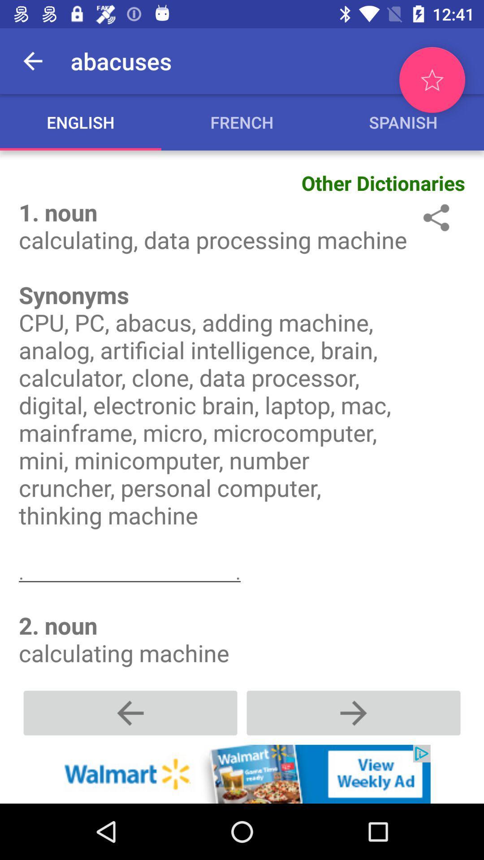 The width and height of the screenshot is (484, 860). I want to click on more about add, so click(242, 774).